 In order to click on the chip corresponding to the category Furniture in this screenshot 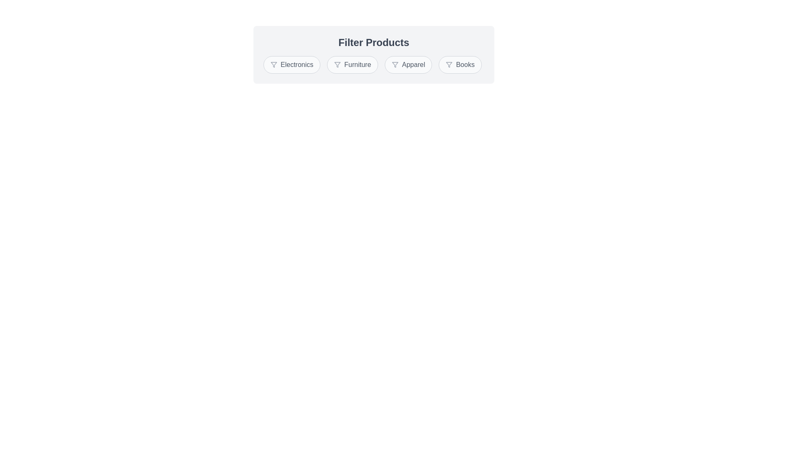, I will do `click(353, 64)`.